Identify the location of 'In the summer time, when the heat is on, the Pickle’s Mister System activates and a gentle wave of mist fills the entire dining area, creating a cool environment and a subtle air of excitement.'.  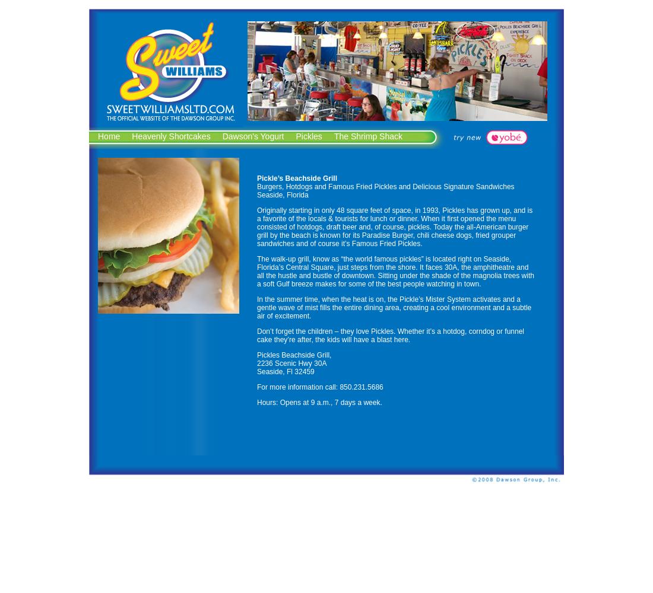
(394, 308).